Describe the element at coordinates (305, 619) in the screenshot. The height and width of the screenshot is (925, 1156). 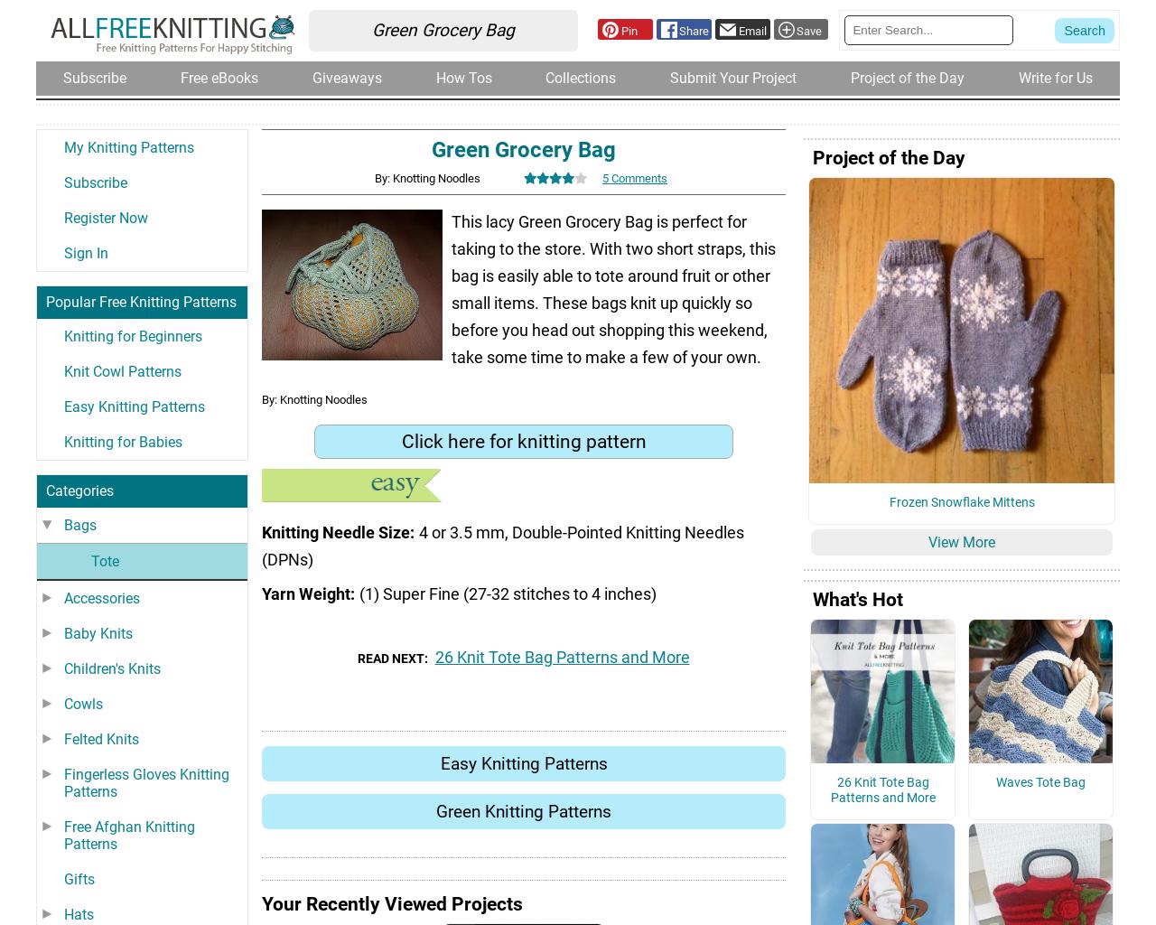
I see `'Yarn Weight'` at that location.